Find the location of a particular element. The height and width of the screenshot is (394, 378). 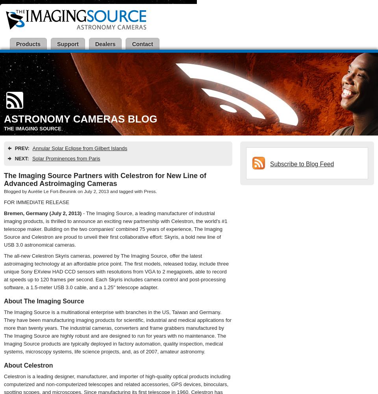

'on July 2, 2013 and tagged with' is located at coordinates (109, 191).